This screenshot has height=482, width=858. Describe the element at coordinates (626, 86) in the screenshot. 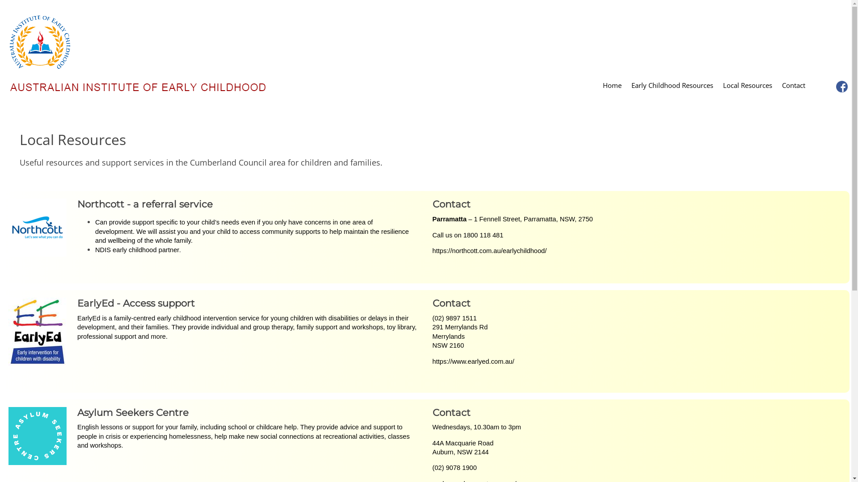

I see `'Early Childhood Resources'` at that location.